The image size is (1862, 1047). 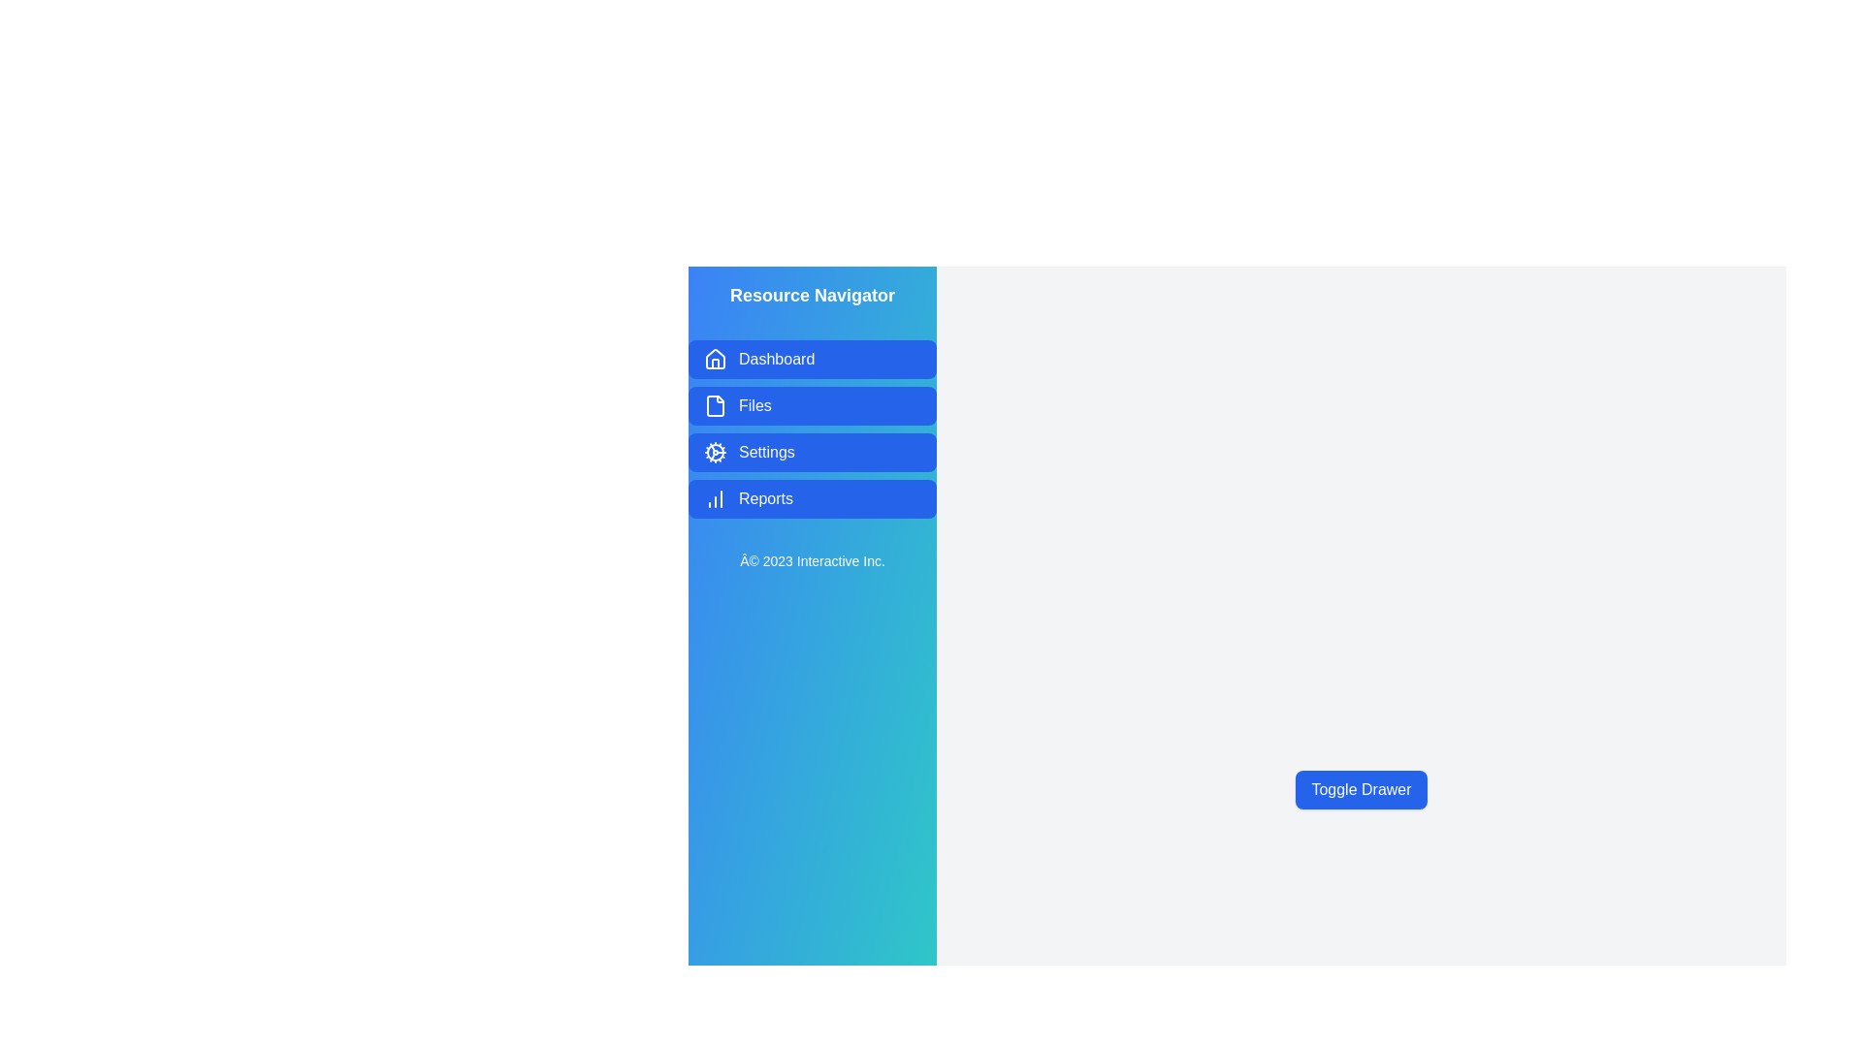 What do you see at coordinates (813, 405) in the screenshot?
I see `the navigation item labeled Files` at bounding box center [813, 405].